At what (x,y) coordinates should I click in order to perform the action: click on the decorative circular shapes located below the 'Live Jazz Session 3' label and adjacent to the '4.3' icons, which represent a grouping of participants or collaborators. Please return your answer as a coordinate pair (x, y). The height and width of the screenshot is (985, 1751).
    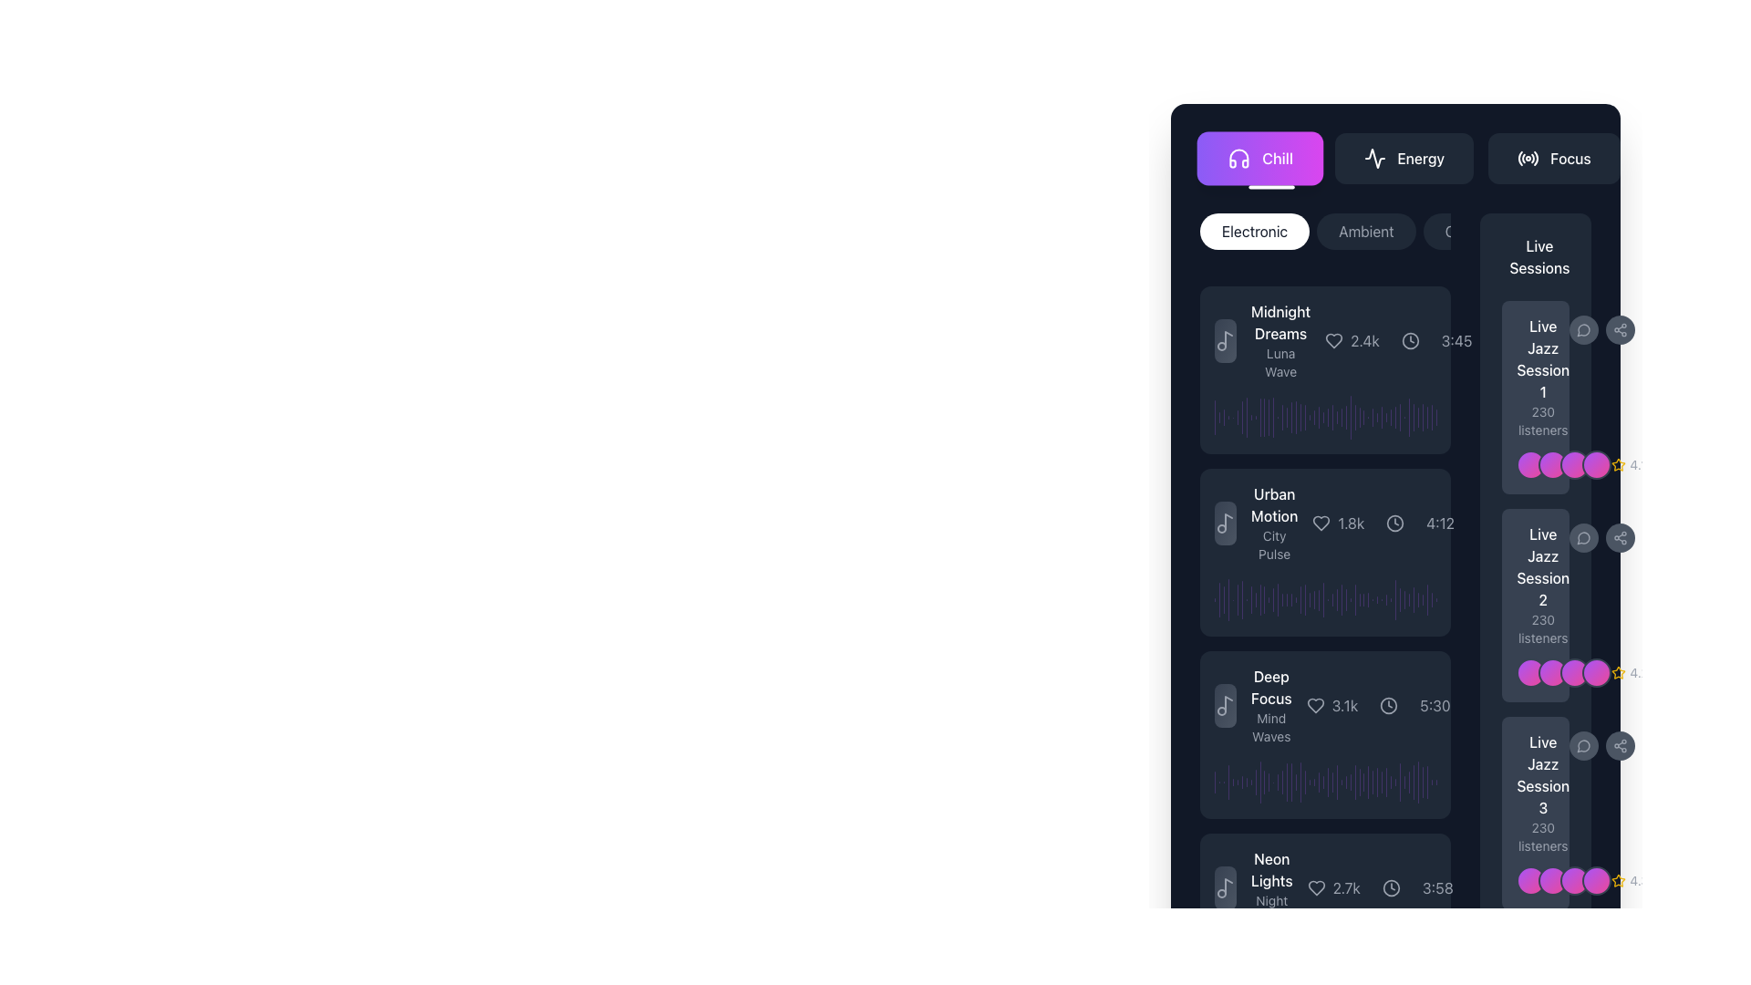
    Looking at the image, I should click on (1563, 879).